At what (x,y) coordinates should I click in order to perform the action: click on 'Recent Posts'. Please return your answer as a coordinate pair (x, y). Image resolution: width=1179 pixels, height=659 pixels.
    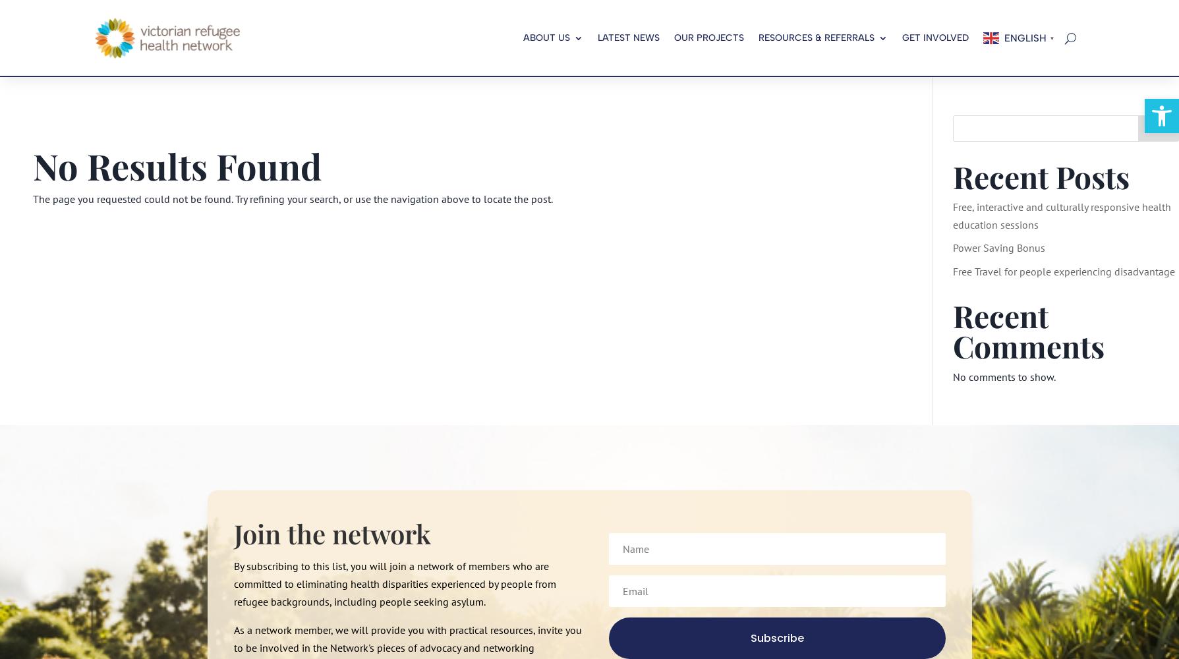
    Looking at the image, I should click on (1039, 177).